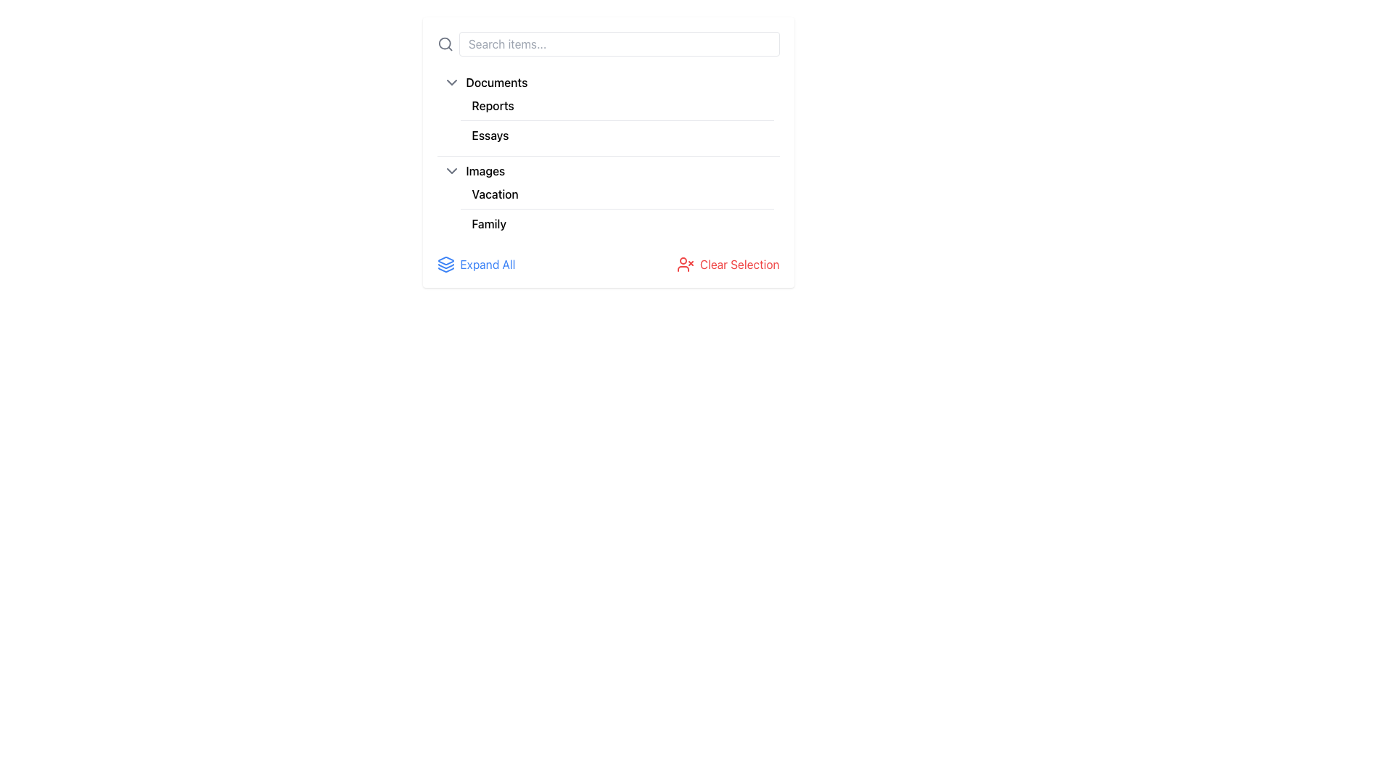 The height and width of the screenshot is (783, 1393). What do you see at coordinates (608, 209) in the screenshot?
I see `the list item group displaying nested subcategories within the 'Images' category` at bounding box center [608, 209].